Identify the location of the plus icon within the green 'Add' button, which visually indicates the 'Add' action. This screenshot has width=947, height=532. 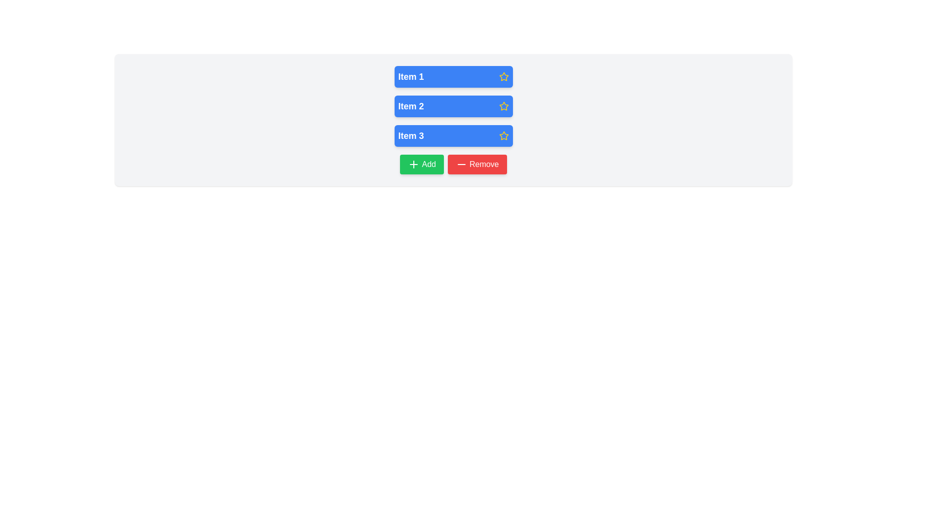
(414, 164).